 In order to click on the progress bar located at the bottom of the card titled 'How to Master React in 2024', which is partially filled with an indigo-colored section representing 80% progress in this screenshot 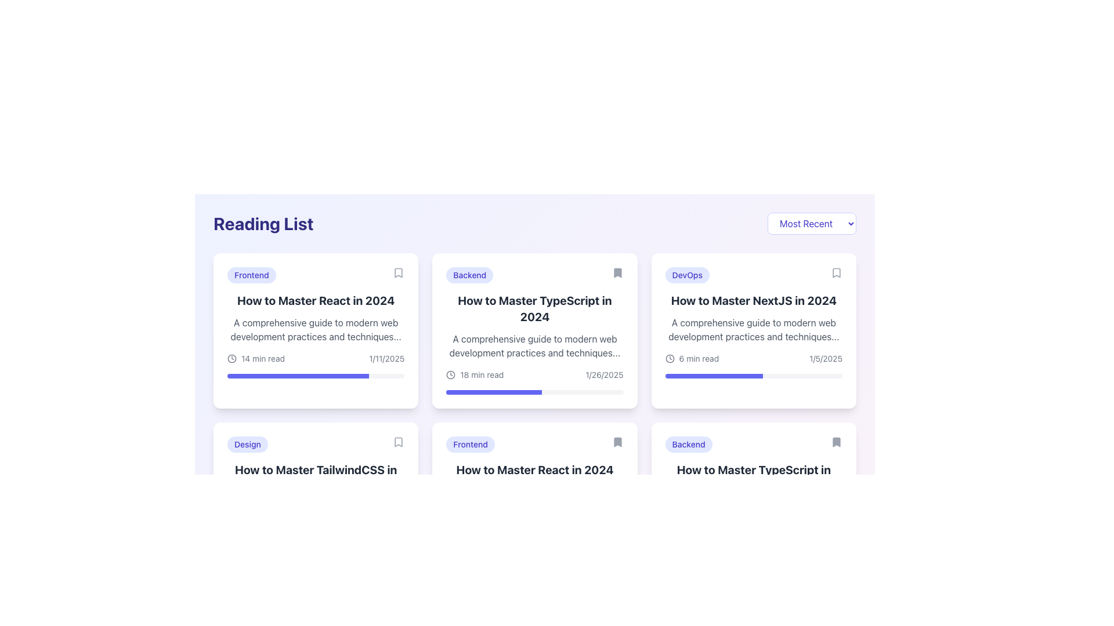, I will do `click(316, 376)`.